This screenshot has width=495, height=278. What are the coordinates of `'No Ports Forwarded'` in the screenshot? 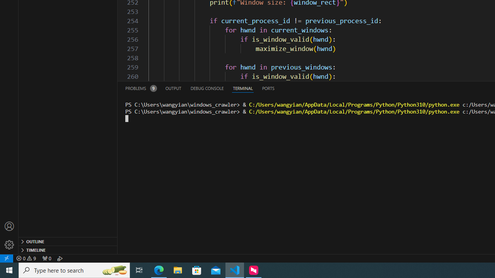 It's located at (46, 258).